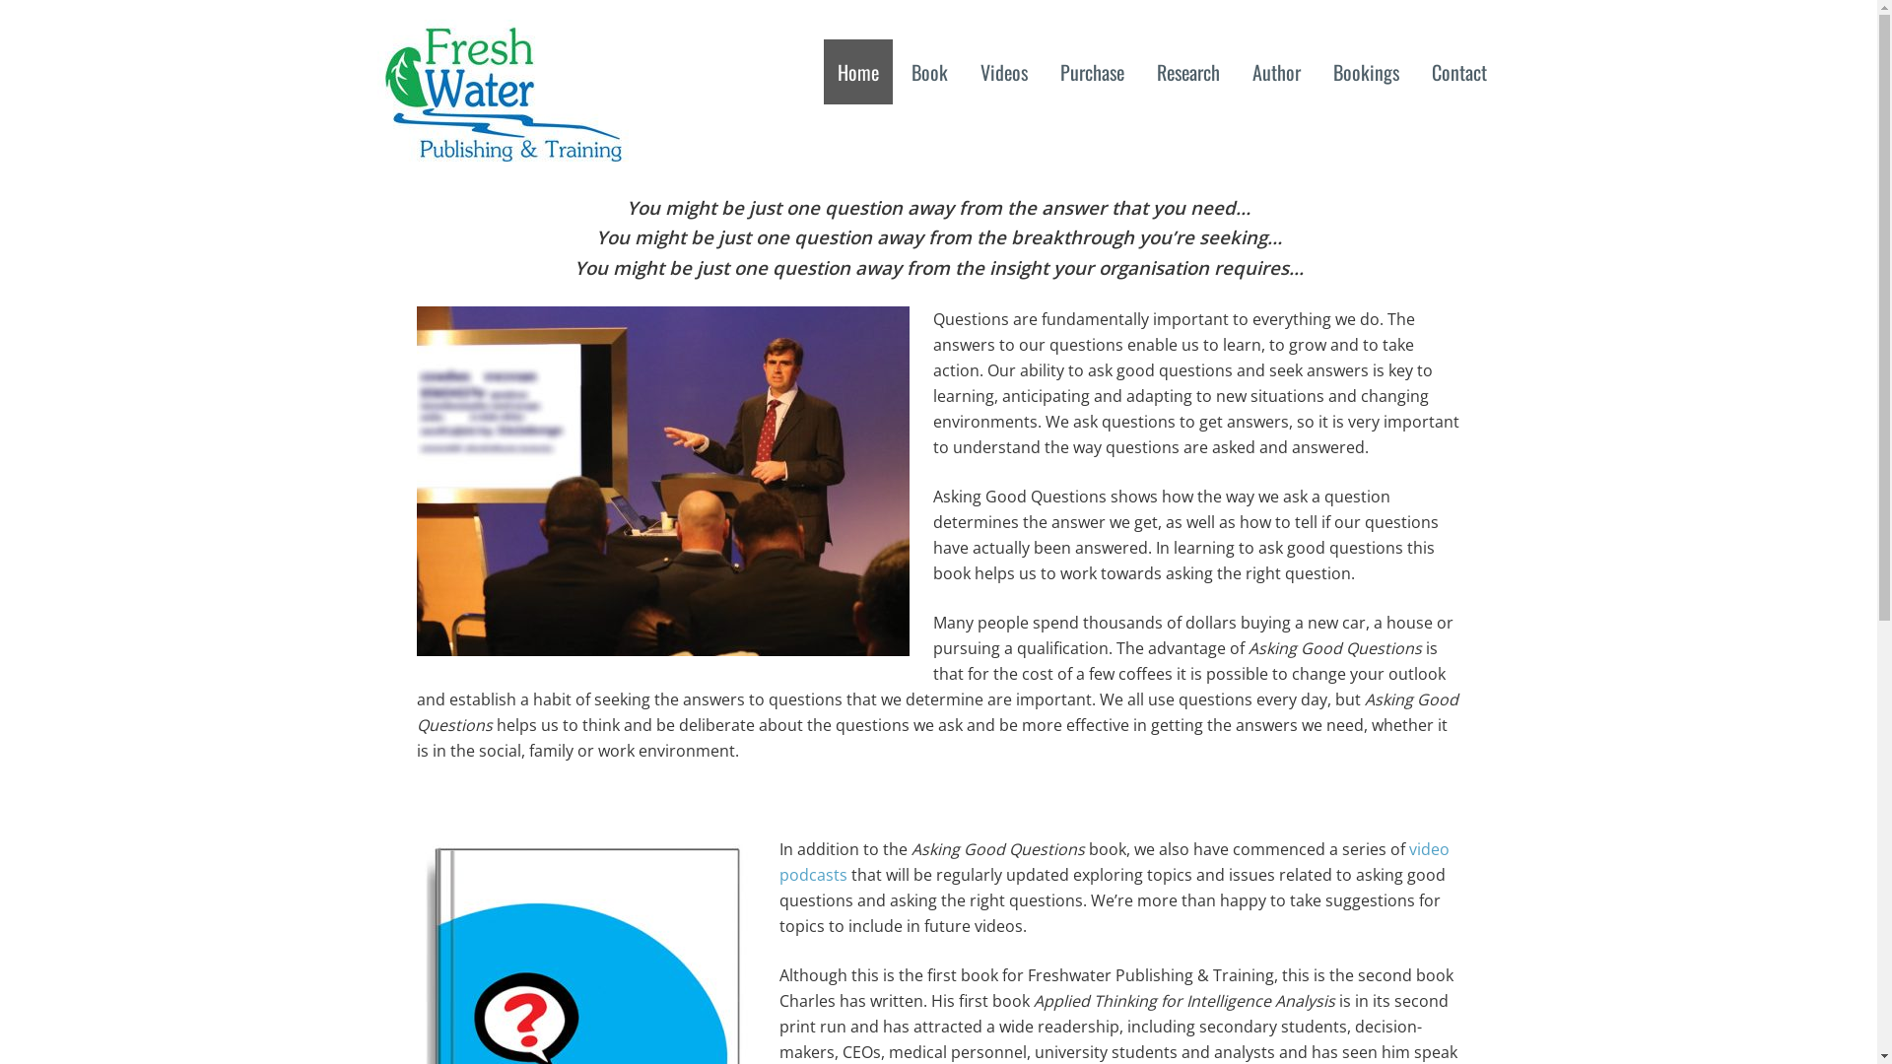 This screenshot has height=1064, width=1892. What do you see at coordinates (1002, 71) in the screenshot?
I see `'Videos'` at bounding box center [1002, 71].